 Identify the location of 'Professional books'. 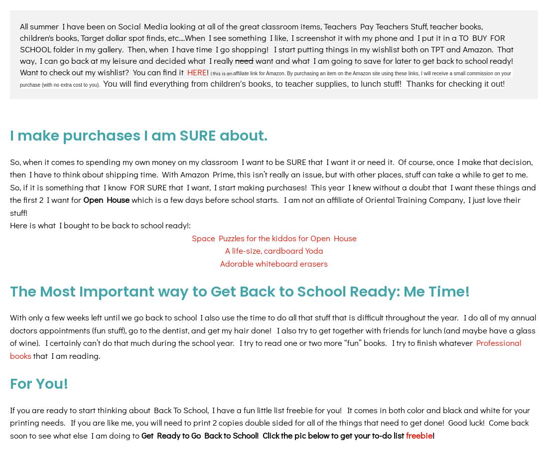
(265, 264).